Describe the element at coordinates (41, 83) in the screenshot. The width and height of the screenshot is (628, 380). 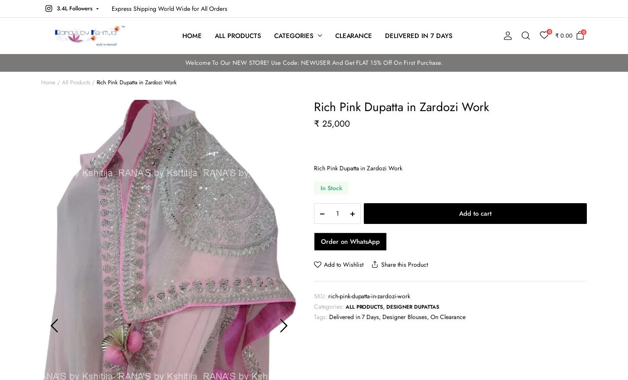
I see `'Embroidery: Zardozi'` at that location.